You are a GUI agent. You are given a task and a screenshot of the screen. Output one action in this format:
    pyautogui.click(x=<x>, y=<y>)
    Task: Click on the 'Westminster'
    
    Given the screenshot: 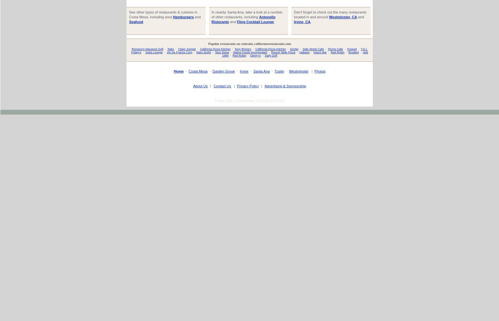 What is the action you would take?
    pyautogui.click(x=298, y=71)
    